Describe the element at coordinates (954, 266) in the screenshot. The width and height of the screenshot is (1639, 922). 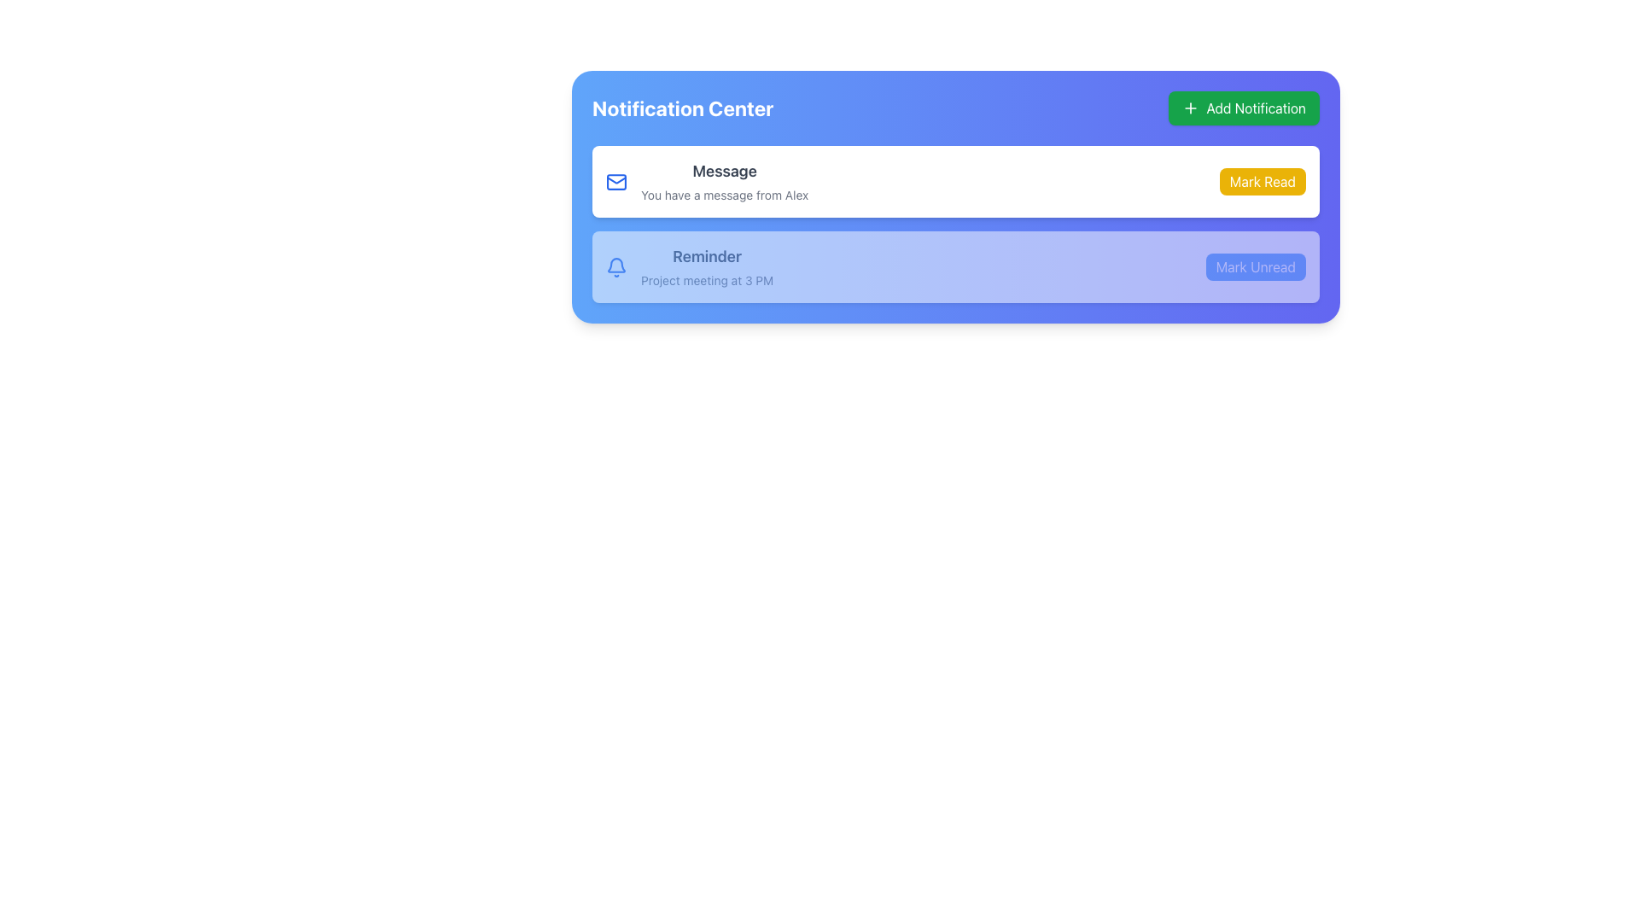
I see `the Notification Card that notifies about a project meeting scheduled at 3 PM` at that location.